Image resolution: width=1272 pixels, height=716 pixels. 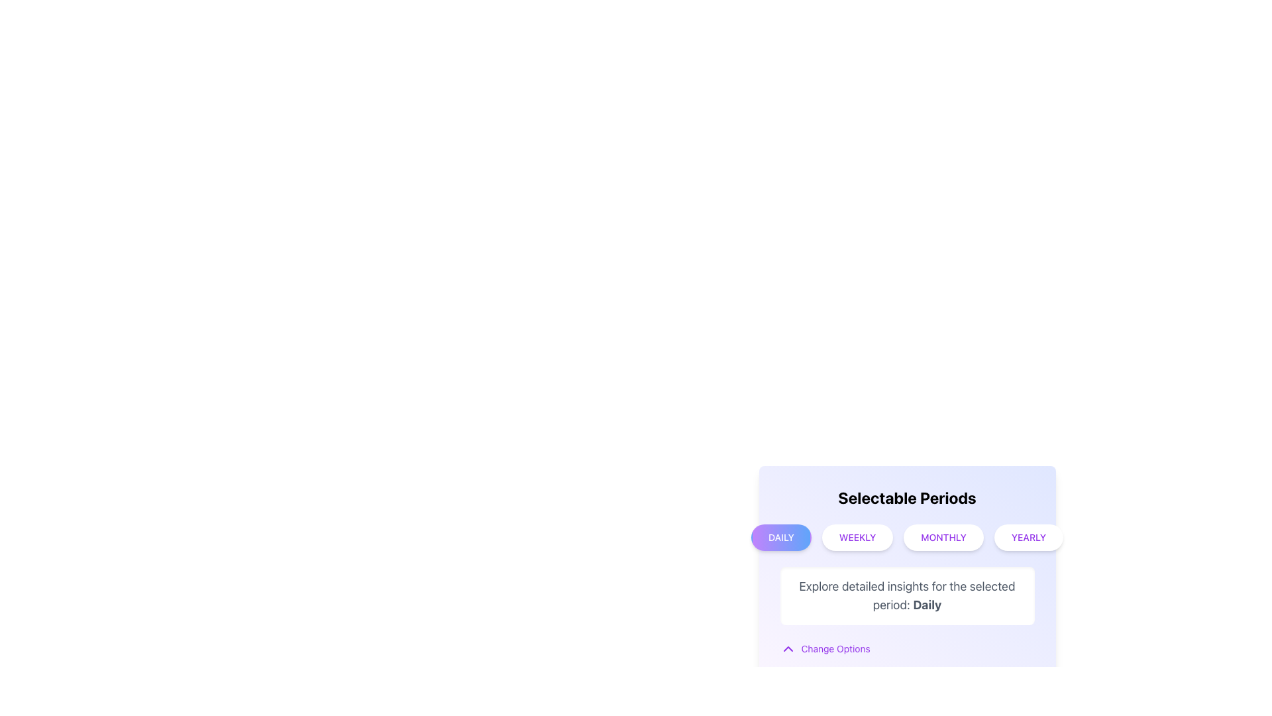 What do you see at coordinates (906, 595) in the screenshot?
I see `descriptive static text located in the lower section of the 'Selectable Periods' card, which provides context about the selected period` at bounding box center [906, 595].